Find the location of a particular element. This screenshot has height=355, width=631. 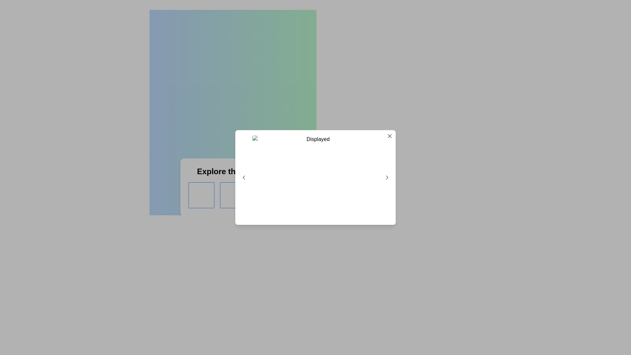

the second thumbnail in a row of three, which has a blue border and a greenish background image is located at coordinates (233, 195).